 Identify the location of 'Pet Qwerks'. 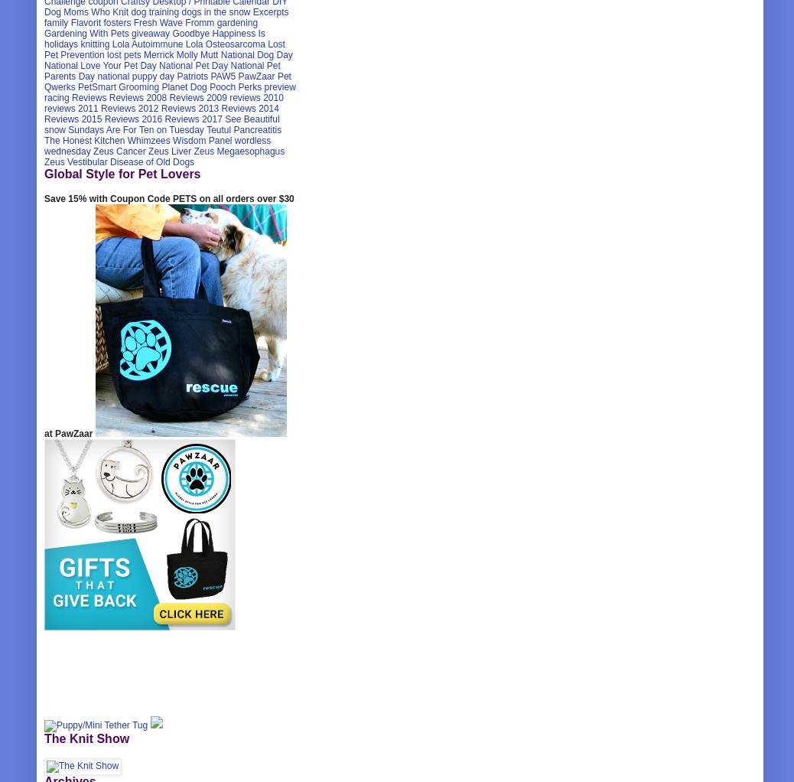
(167, 81).